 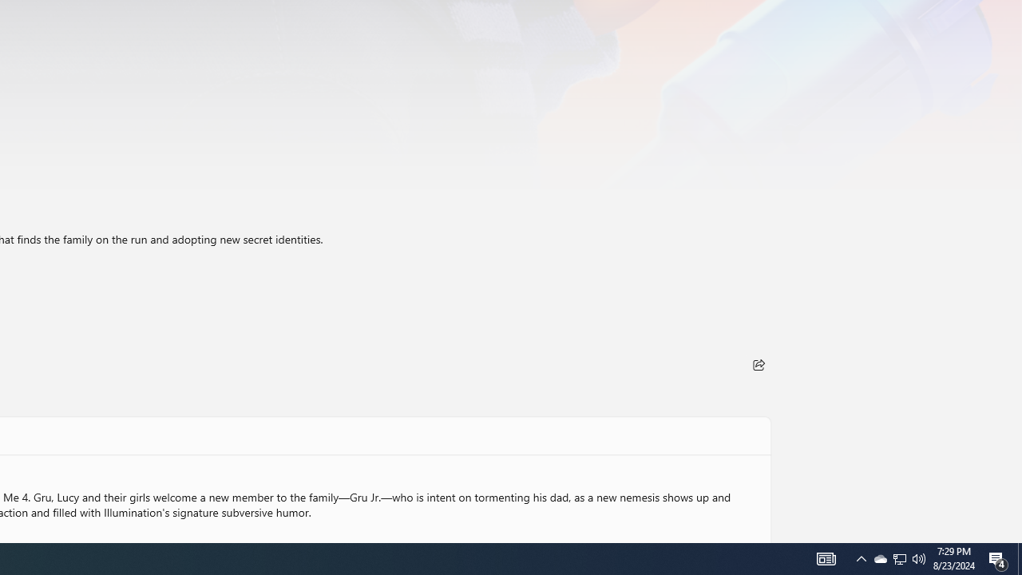 What do you see at coordinates (758, 364) in the screenshot?
I see `'Share'` at bounding box center [758, 364].